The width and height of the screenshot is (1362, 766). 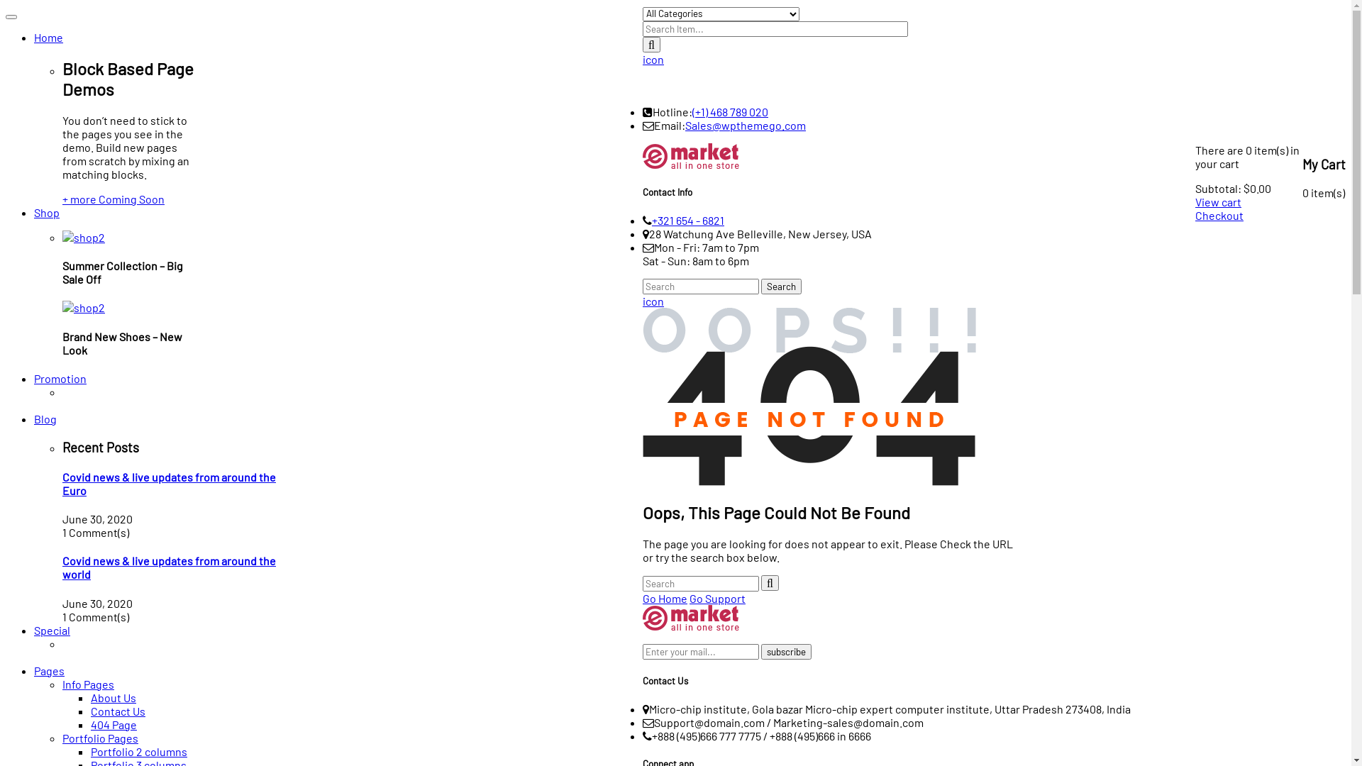 What do you see at coordinates (1218, 215) in the screenshot?
I see `'Checkout'` at bounding box center [1218, 215].